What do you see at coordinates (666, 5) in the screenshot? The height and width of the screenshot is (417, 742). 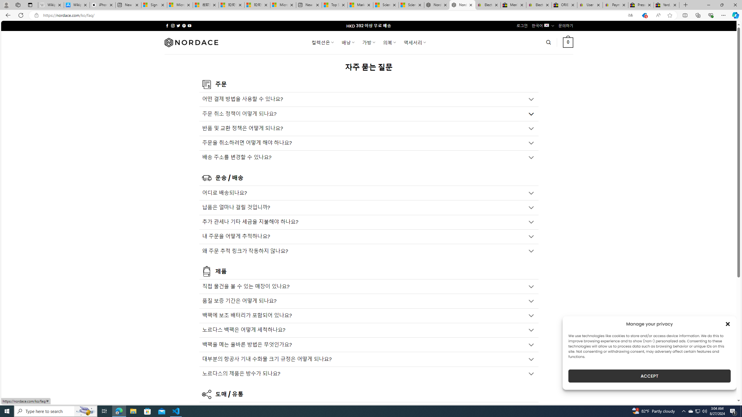 I see `'Yard, Garden & Outdoor Living'` at bounding box center [666, 5].